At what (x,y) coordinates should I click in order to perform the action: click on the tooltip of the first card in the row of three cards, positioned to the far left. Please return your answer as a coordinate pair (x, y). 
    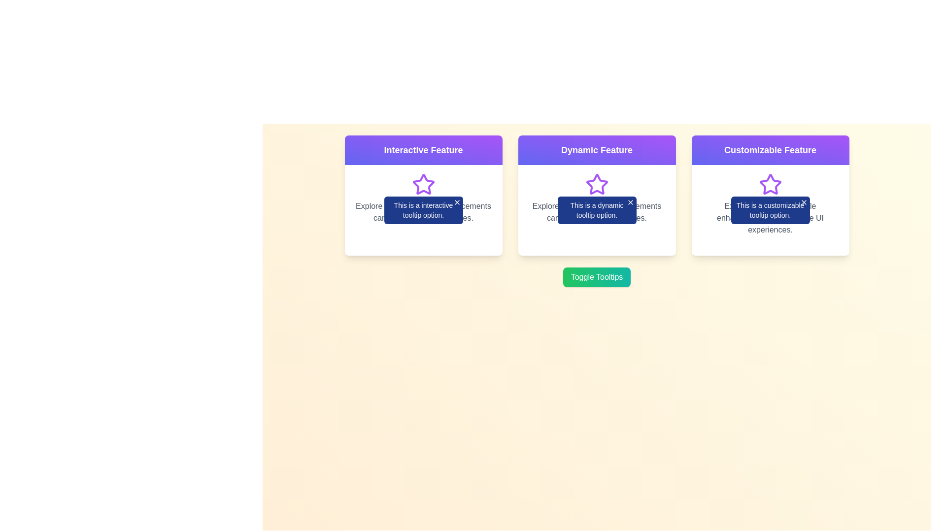
    Looking at the image, I should click on (423, 196).